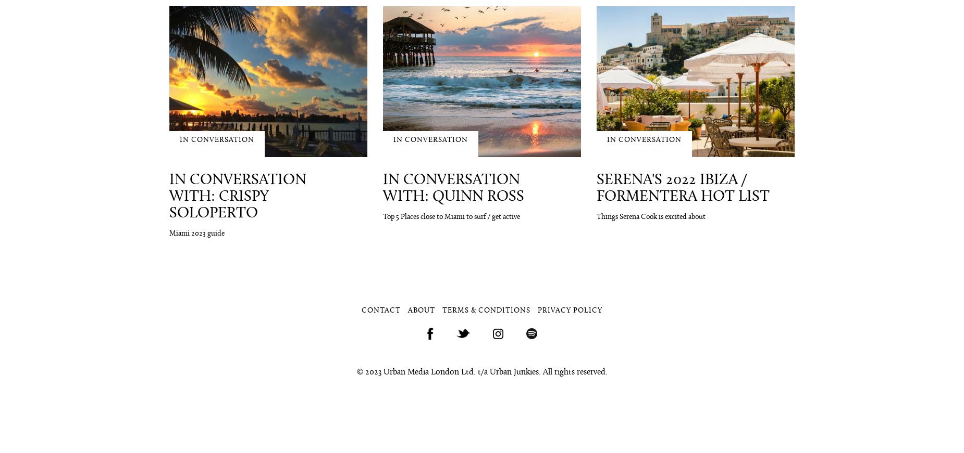 The height and width of the screenshot is (453, 964). Describe the element at coordinates (486, 309) in the screenshot. I see `'Terms & Conditions'` at that location.